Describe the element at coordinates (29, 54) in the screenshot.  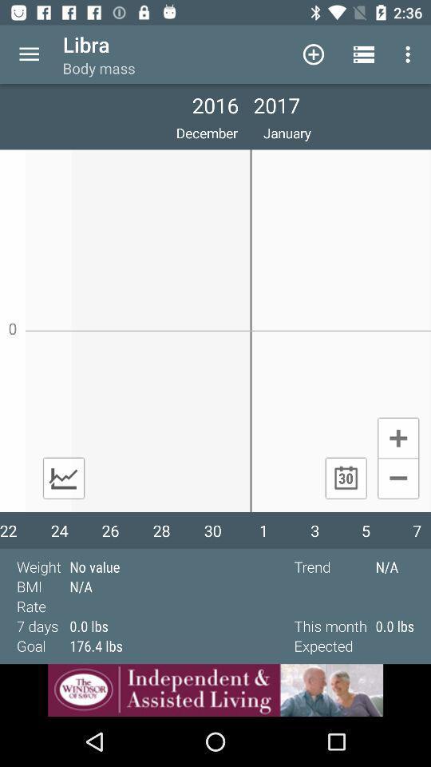
I see `drop down menu button` at that location.